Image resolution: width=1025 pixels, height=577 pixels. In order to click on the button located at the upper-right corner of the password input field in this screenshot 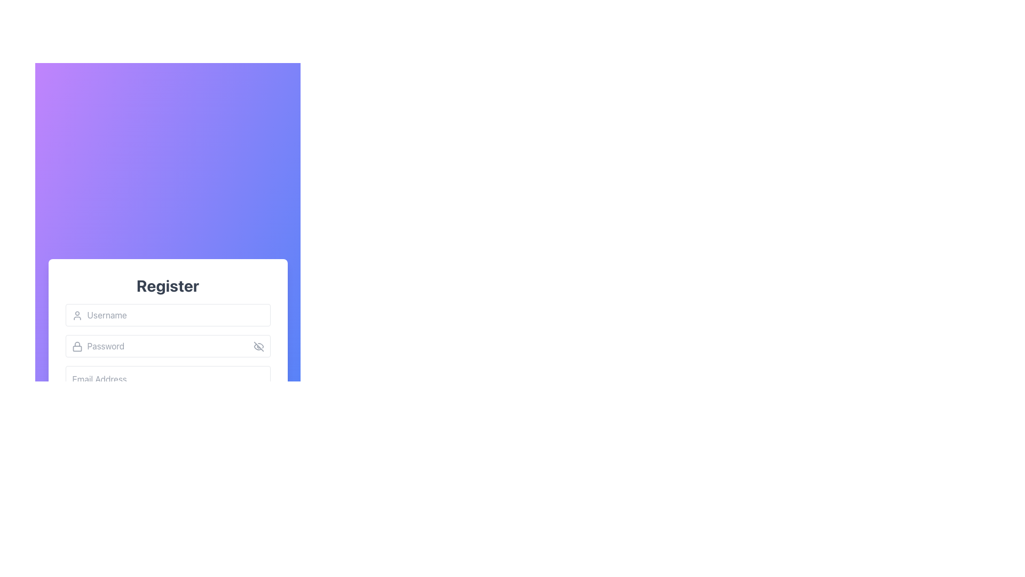, I will do `click(258, 346)`.